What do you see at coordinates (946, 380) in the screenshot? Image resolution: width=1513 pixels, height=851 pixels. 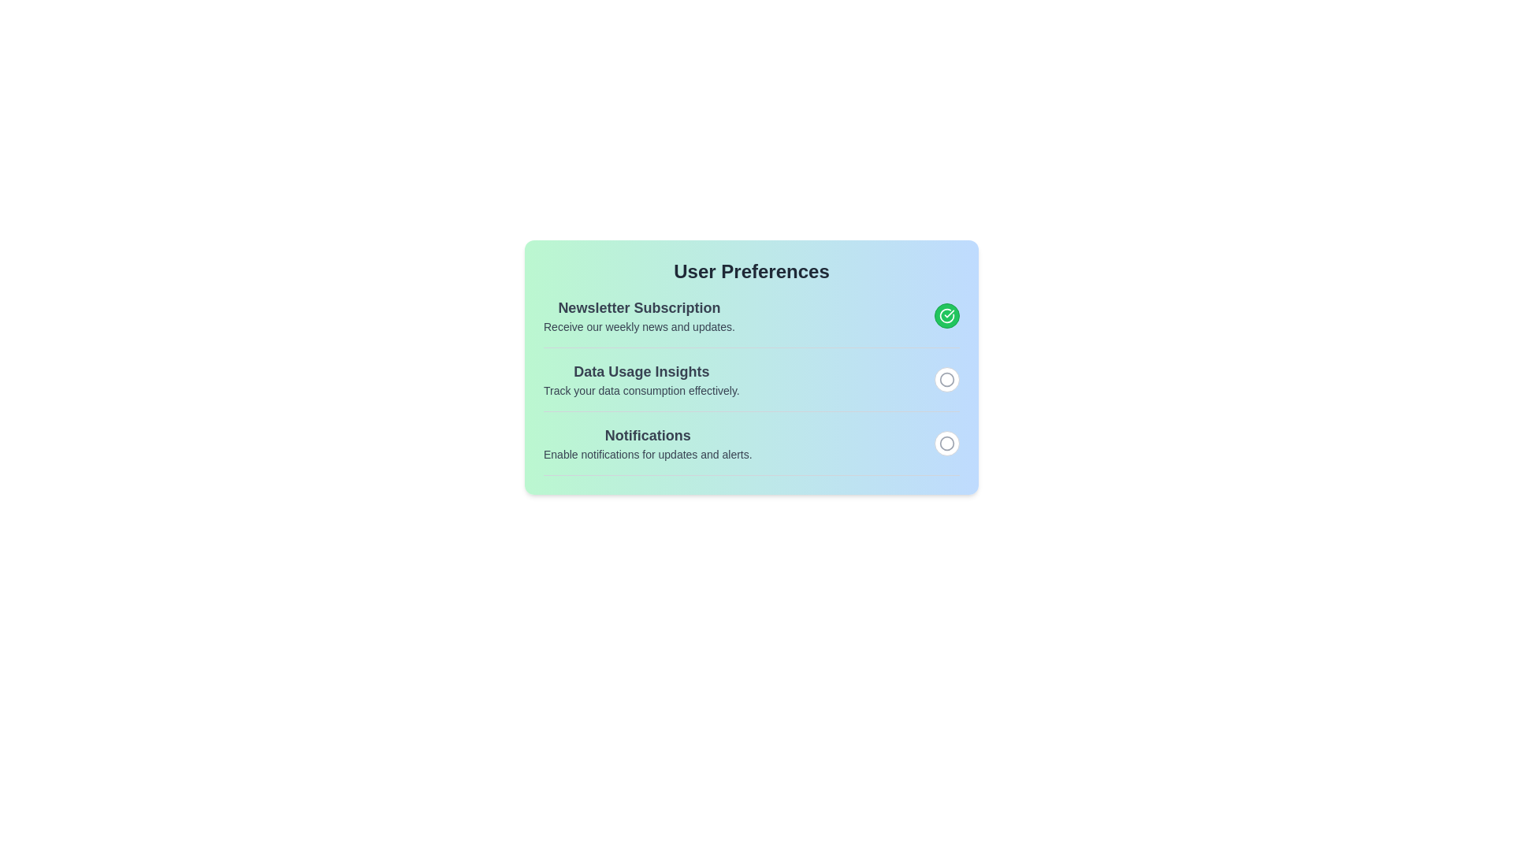 I see `the toggle button for 'Data Usage Insights' in the 'User Preferences' section, located to the right of the corresponding text` at bounding box center [946, 380].